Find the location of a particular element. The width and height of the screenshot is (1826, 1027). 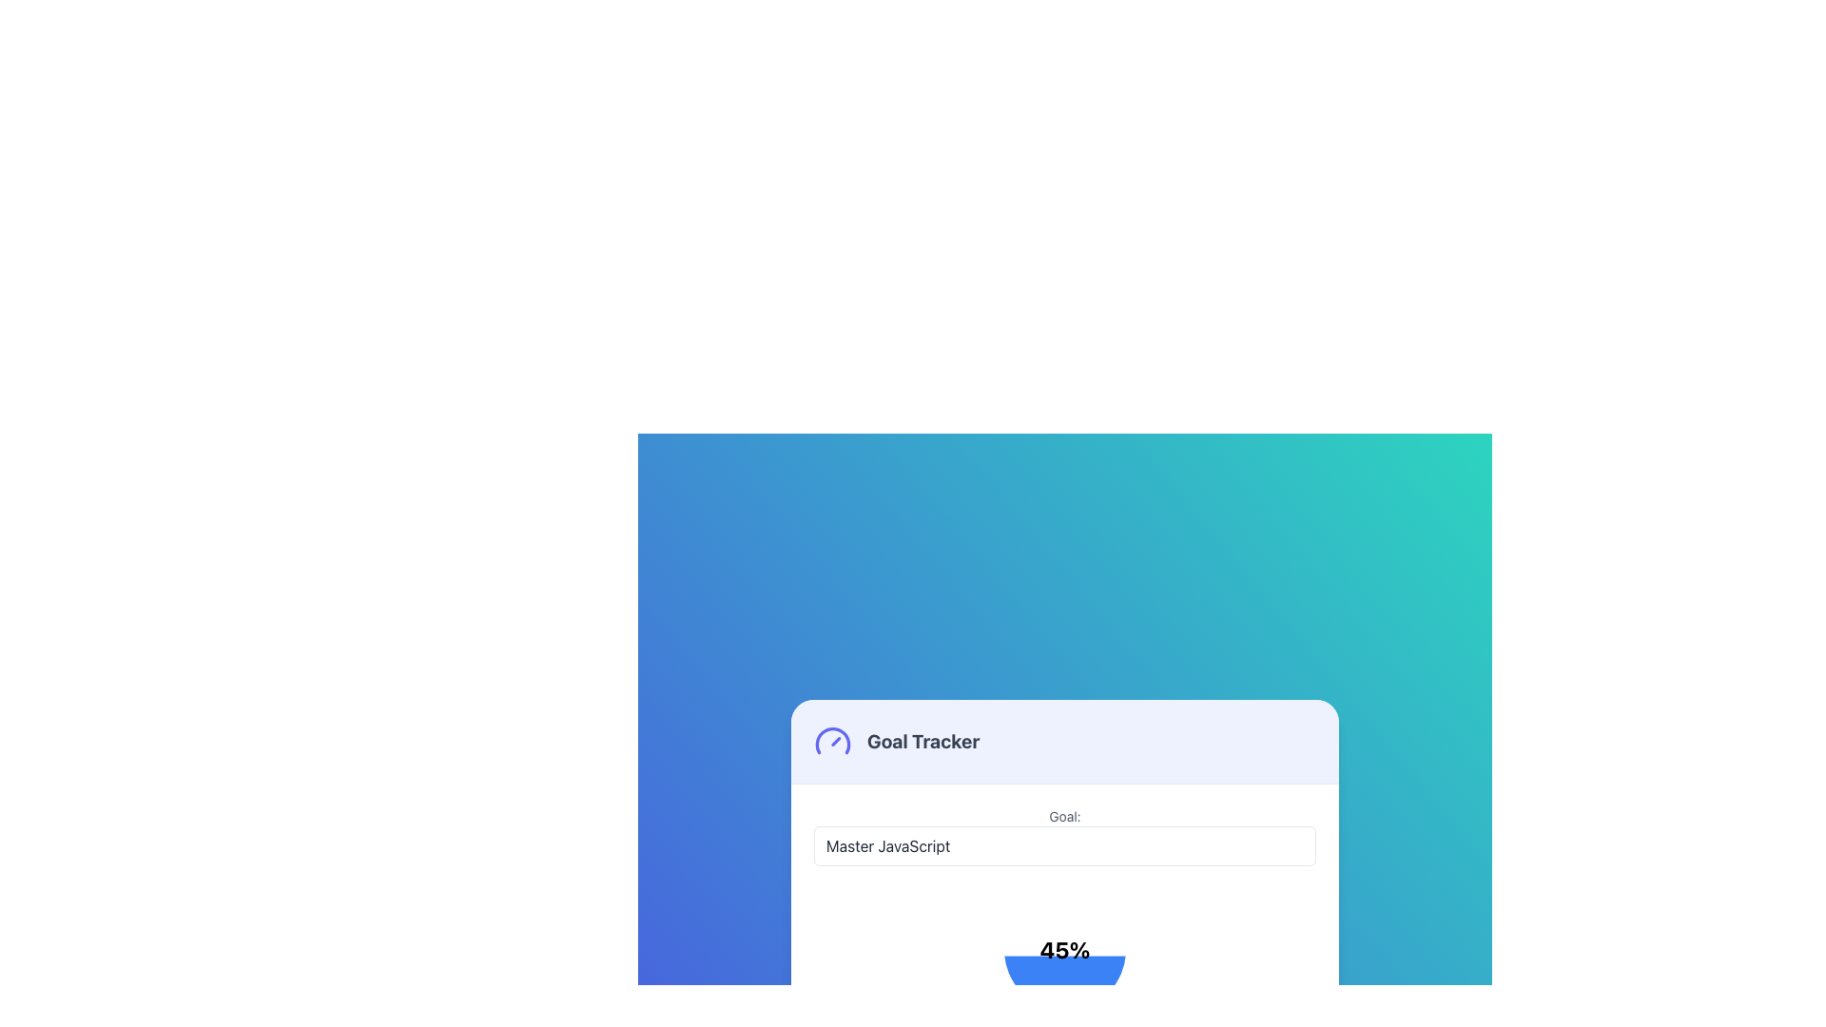

the Circular Progress Indicator that displays '45%' and is centrally located below the 'Goal' input field and above the 'Increase' and 'Decrease' buttons is located at coordinates (1063, 950).